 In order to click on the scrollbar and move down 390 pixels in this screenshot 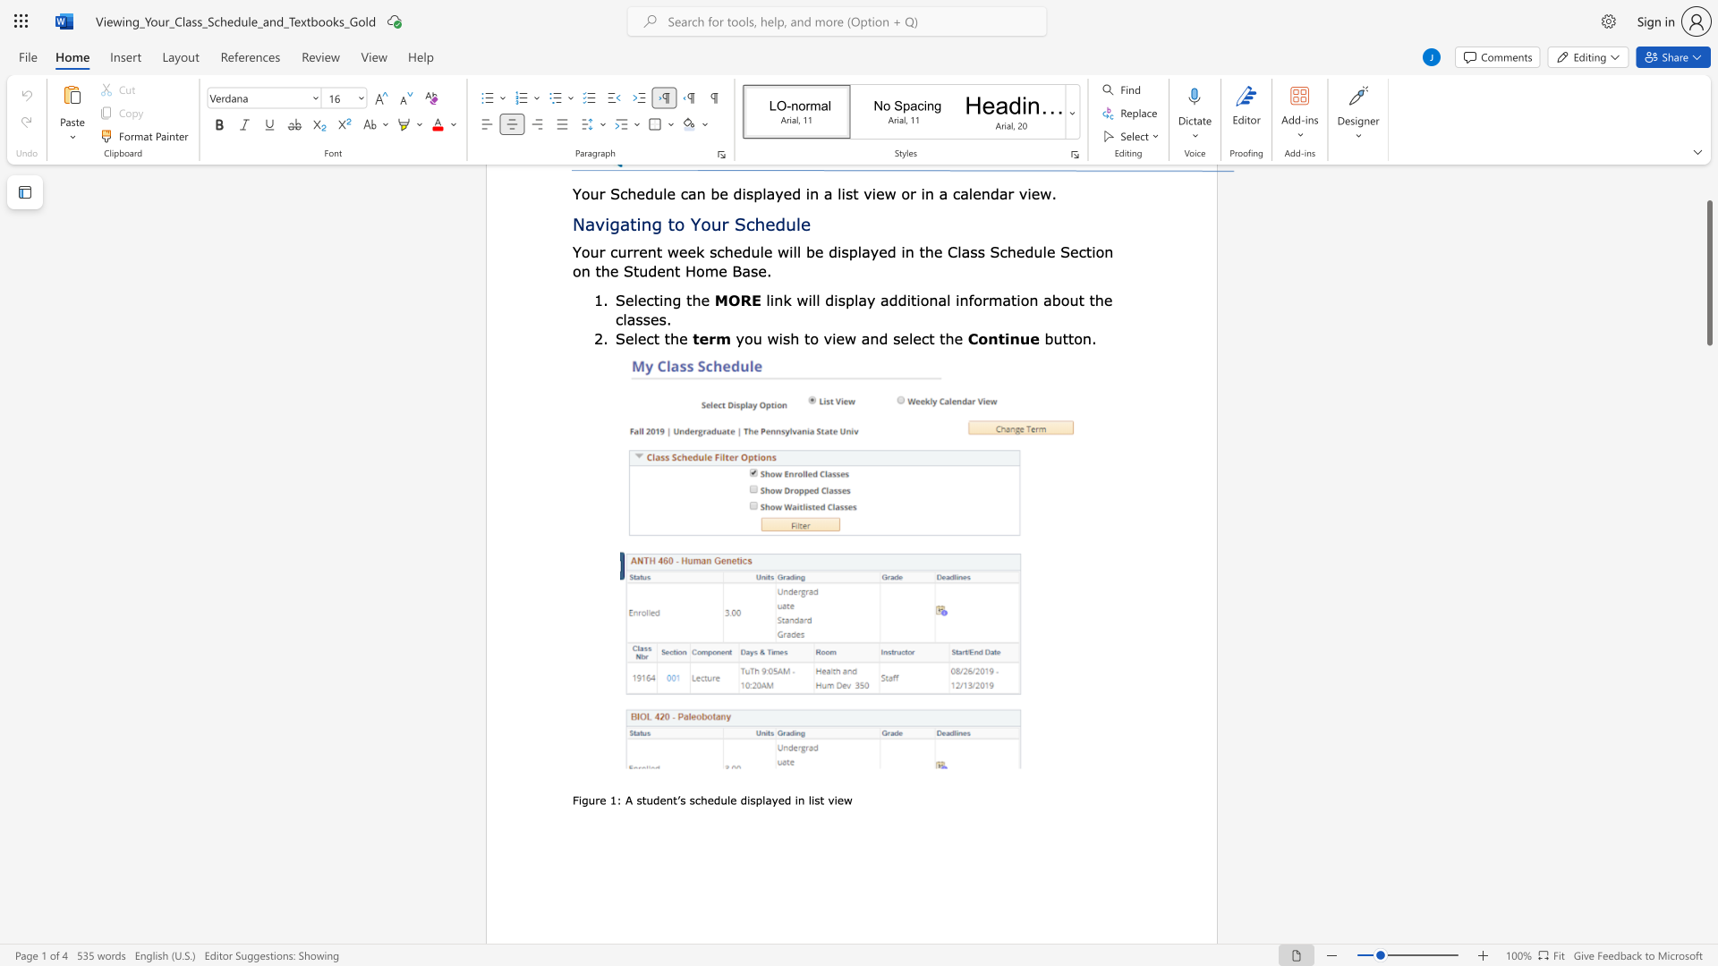, I will do `click(1708, 273)`.